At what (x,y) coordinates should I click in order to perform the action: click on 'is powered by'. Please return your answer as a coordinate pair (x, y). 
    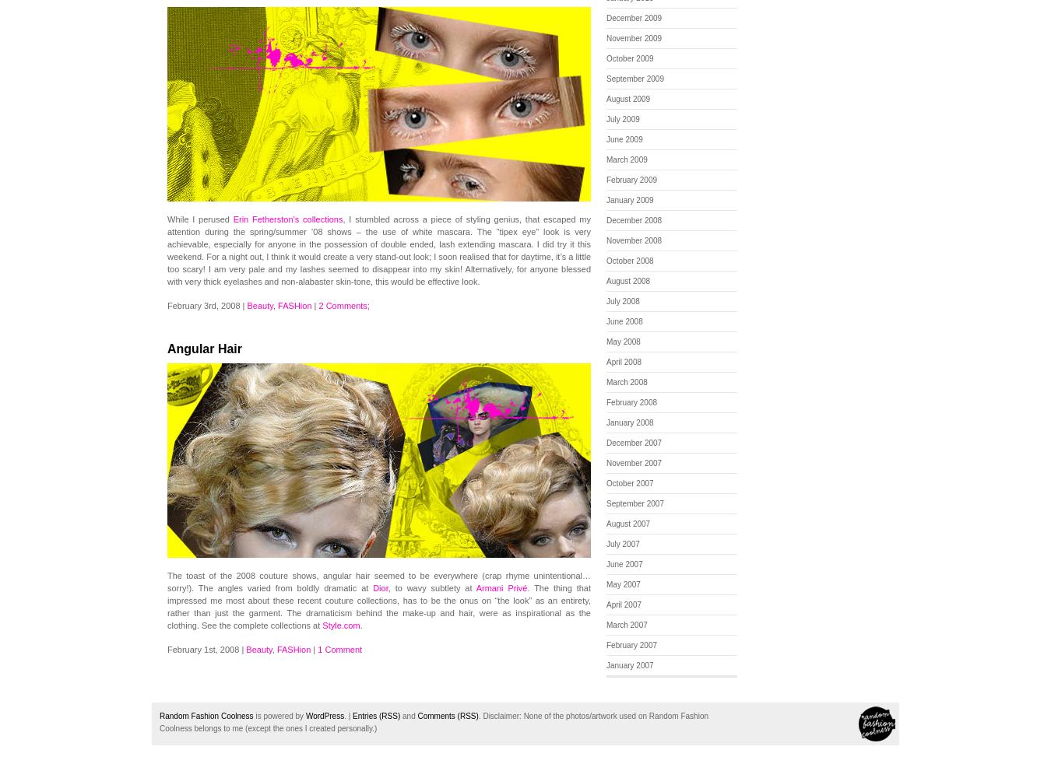
    Looking at the image, I should click on (279, 715).